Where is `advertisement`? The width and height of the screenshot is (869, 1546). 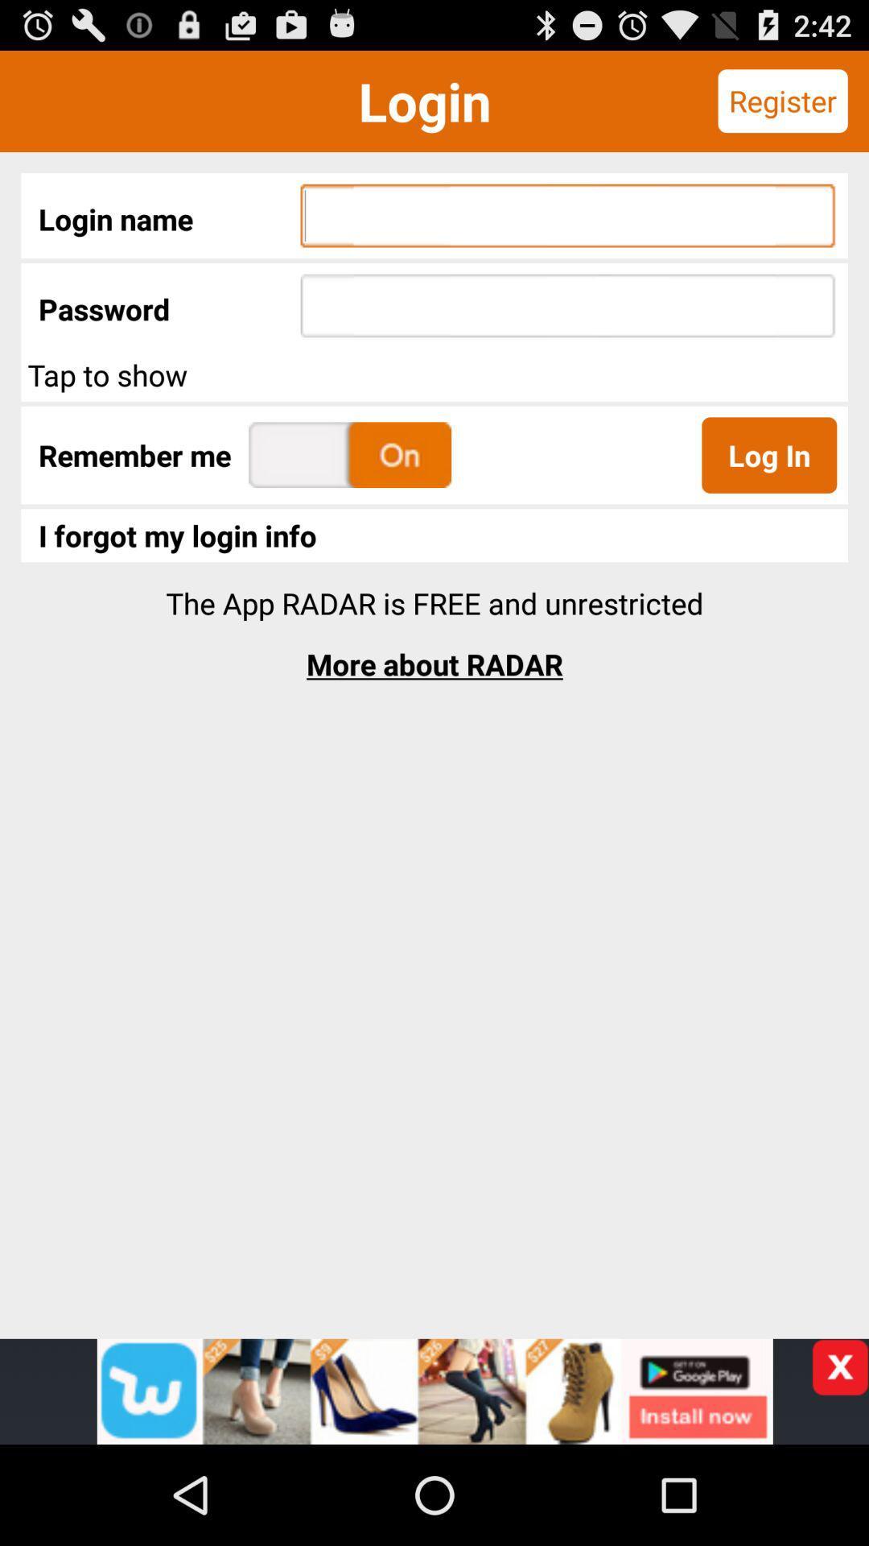 advertisement is located at coordinates (434, 1391).